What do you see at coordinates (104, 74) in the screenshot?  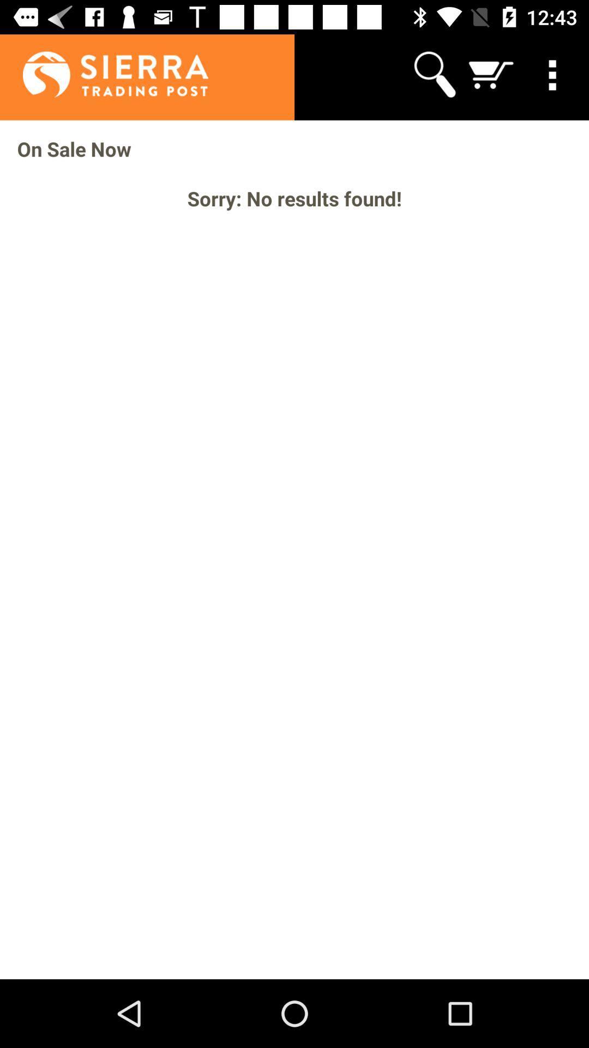 I see `the icon at the top left corner` at bounding box center [104, 74].